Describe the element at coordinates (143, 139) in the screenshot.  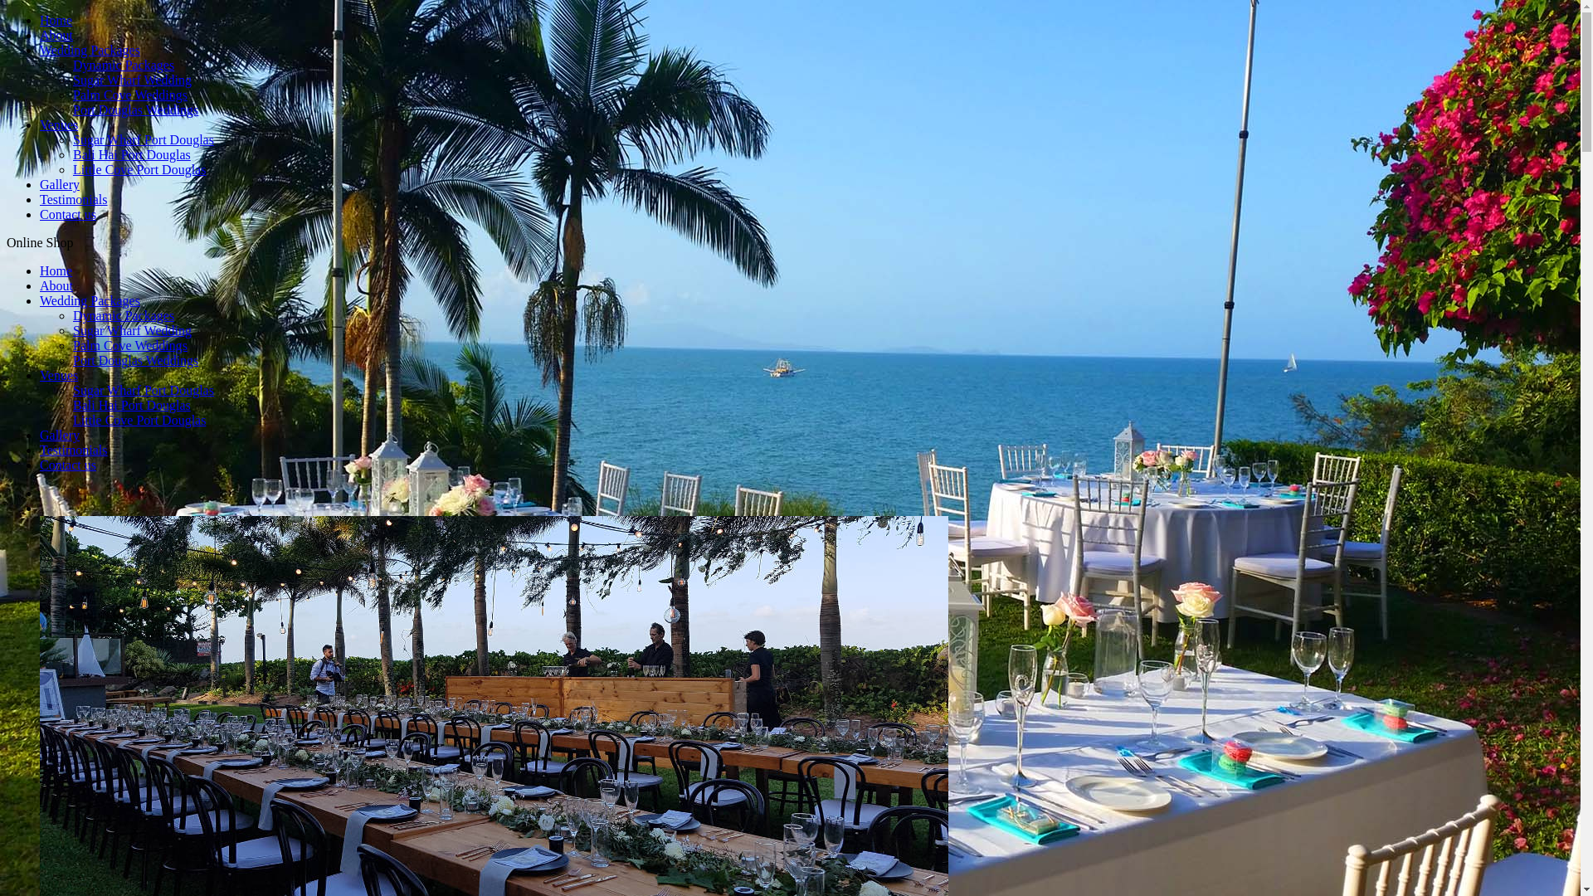
I see `'Sugar Wharf Port Douglas'` at that location.